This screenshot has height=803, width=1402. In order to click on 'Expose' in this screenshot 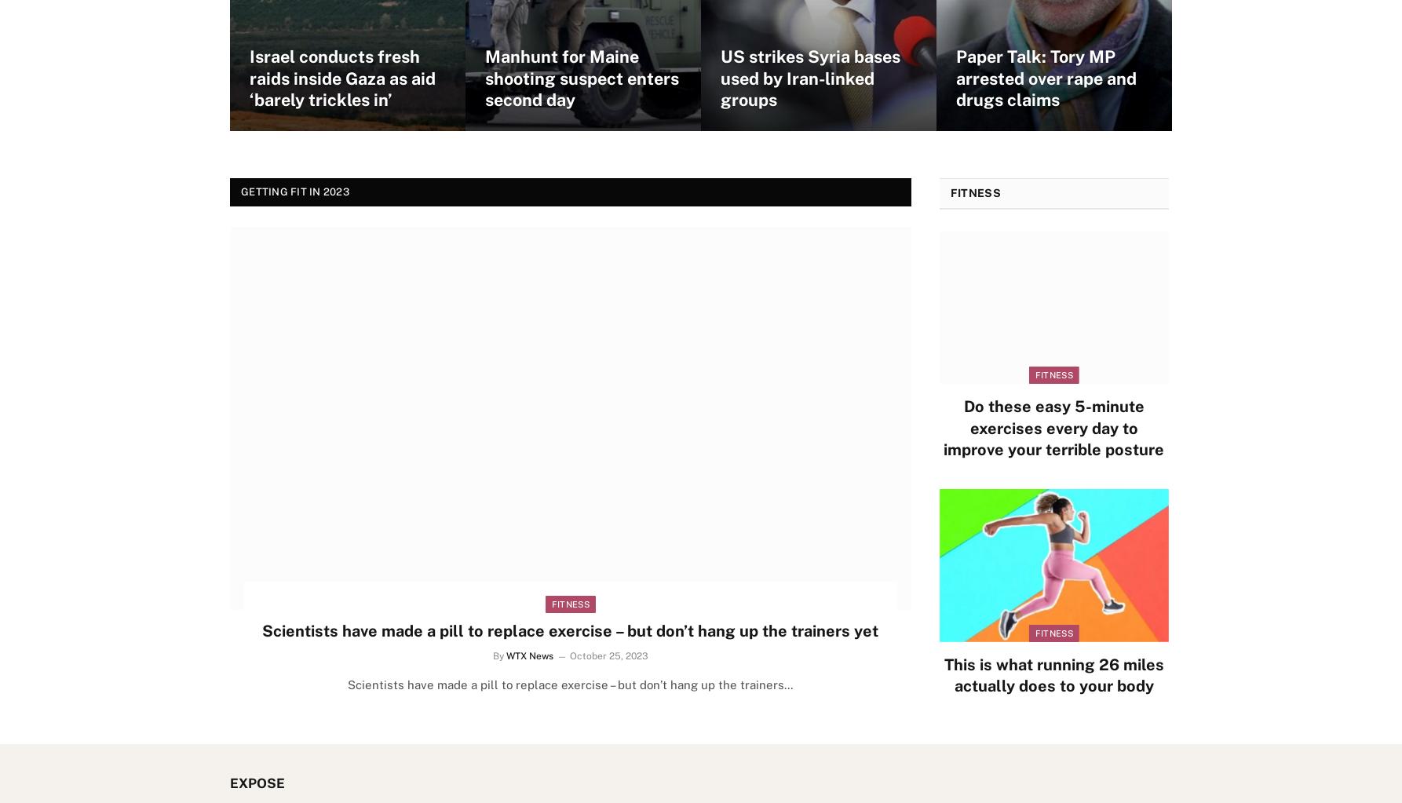, I will do `click(229, 783)`.